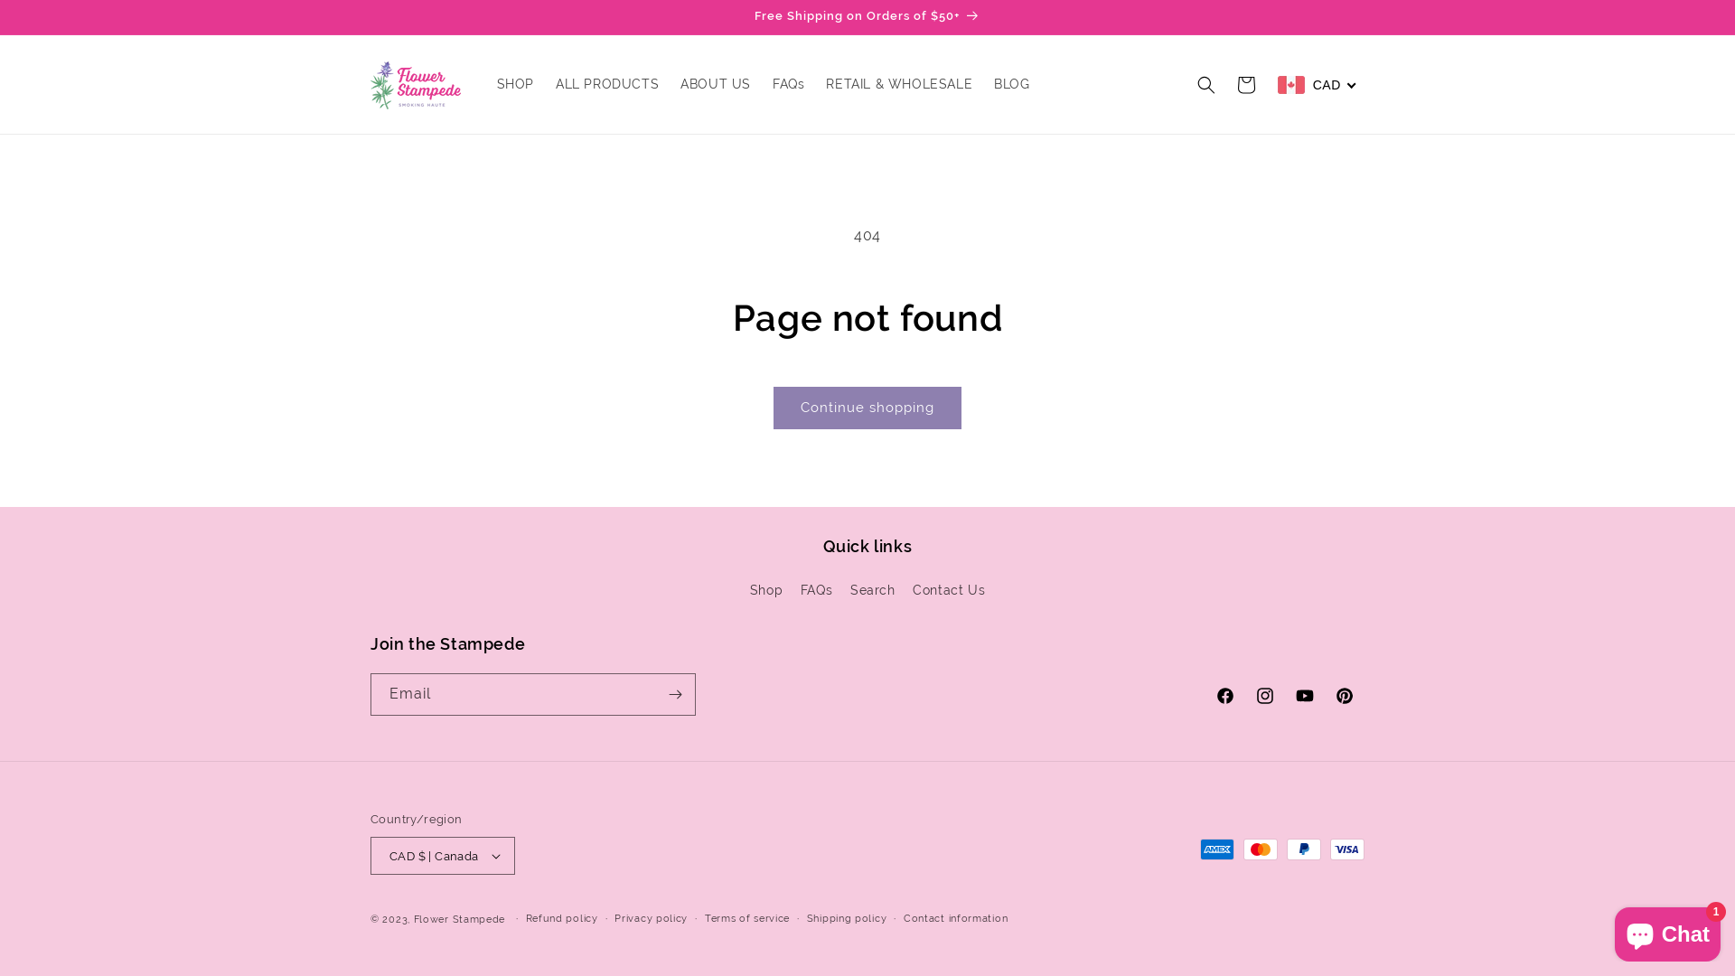 Image resolution: width=1735 pixels, height=976 pixels. I want to click on 'Shop', so click(750, 592).